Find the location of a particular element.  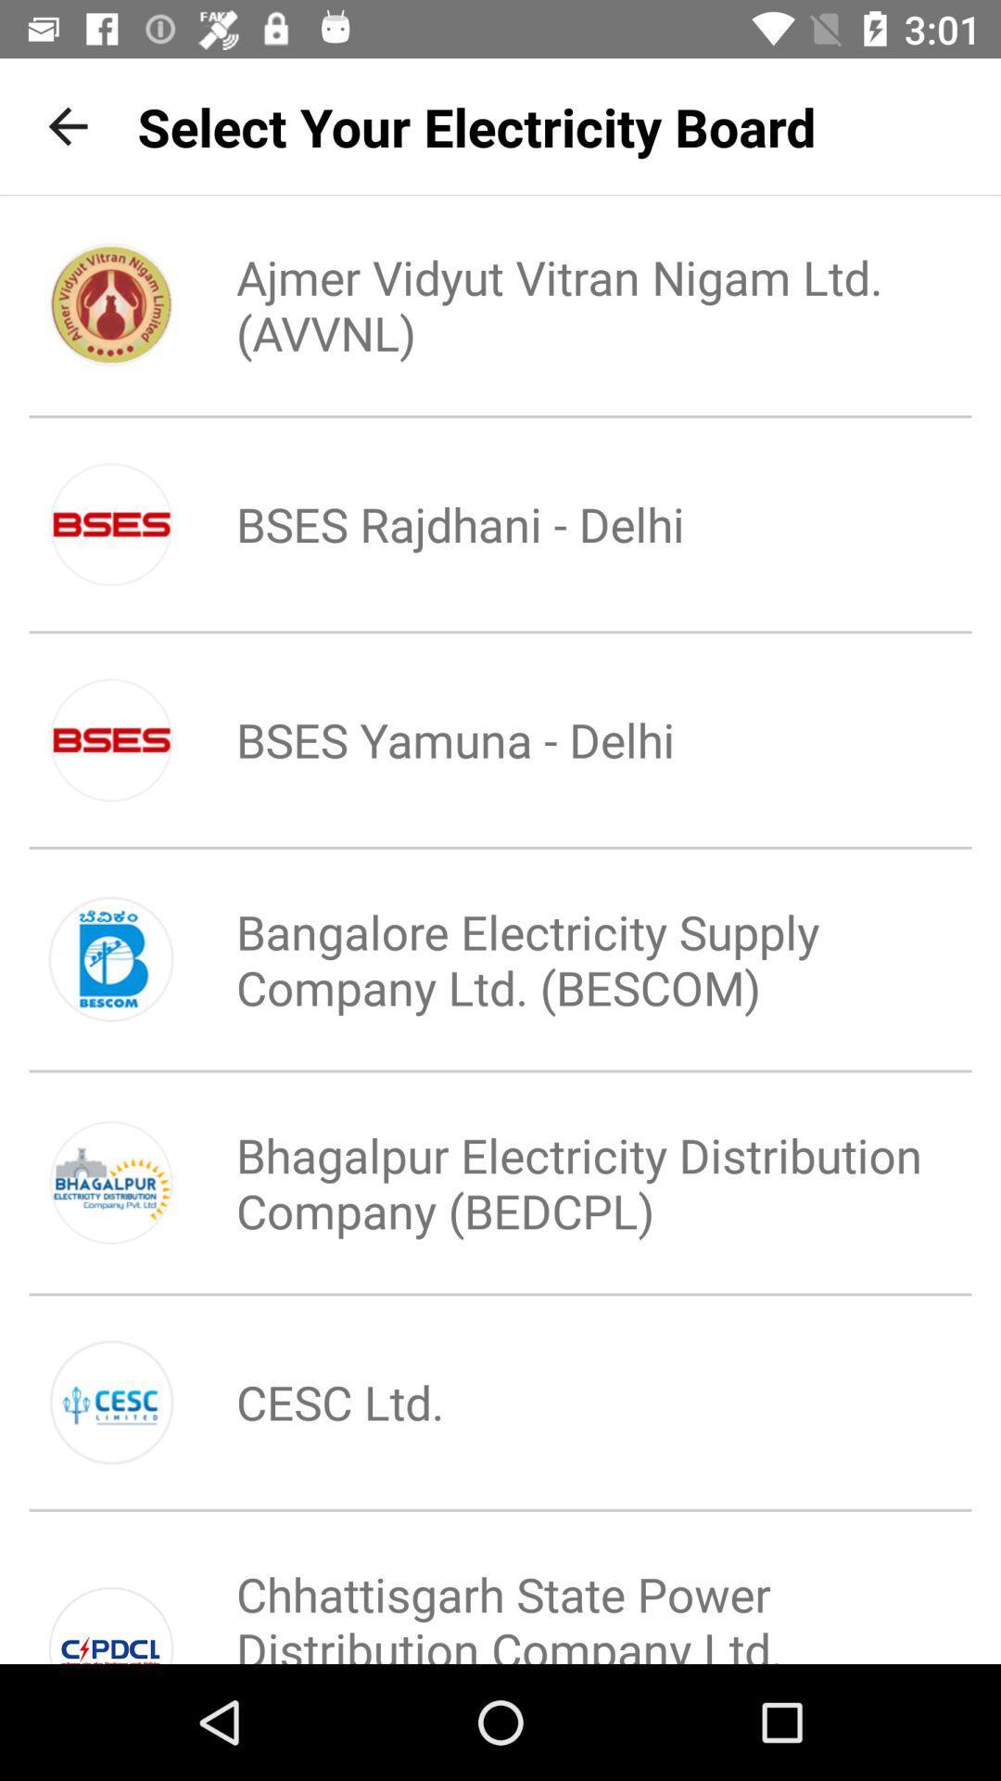

the bhagalpur electricity distribution is located at coordinates (562, 1182).